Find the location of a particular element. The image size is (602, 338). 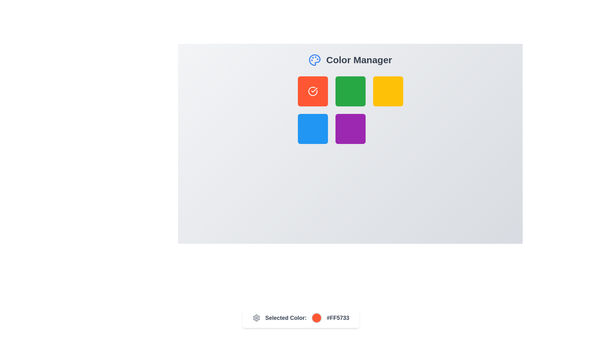

the interactive yellow square button with rounded corners located on the right side of the second row in the grid layout is located at coordinates (388, 91).